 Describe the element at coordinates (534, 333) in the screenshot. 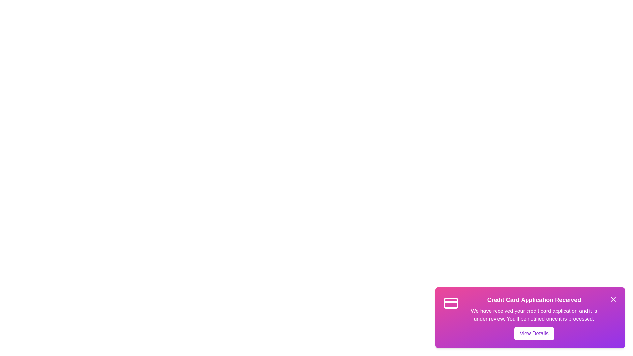

I see `the 'View Details' button` at that location.